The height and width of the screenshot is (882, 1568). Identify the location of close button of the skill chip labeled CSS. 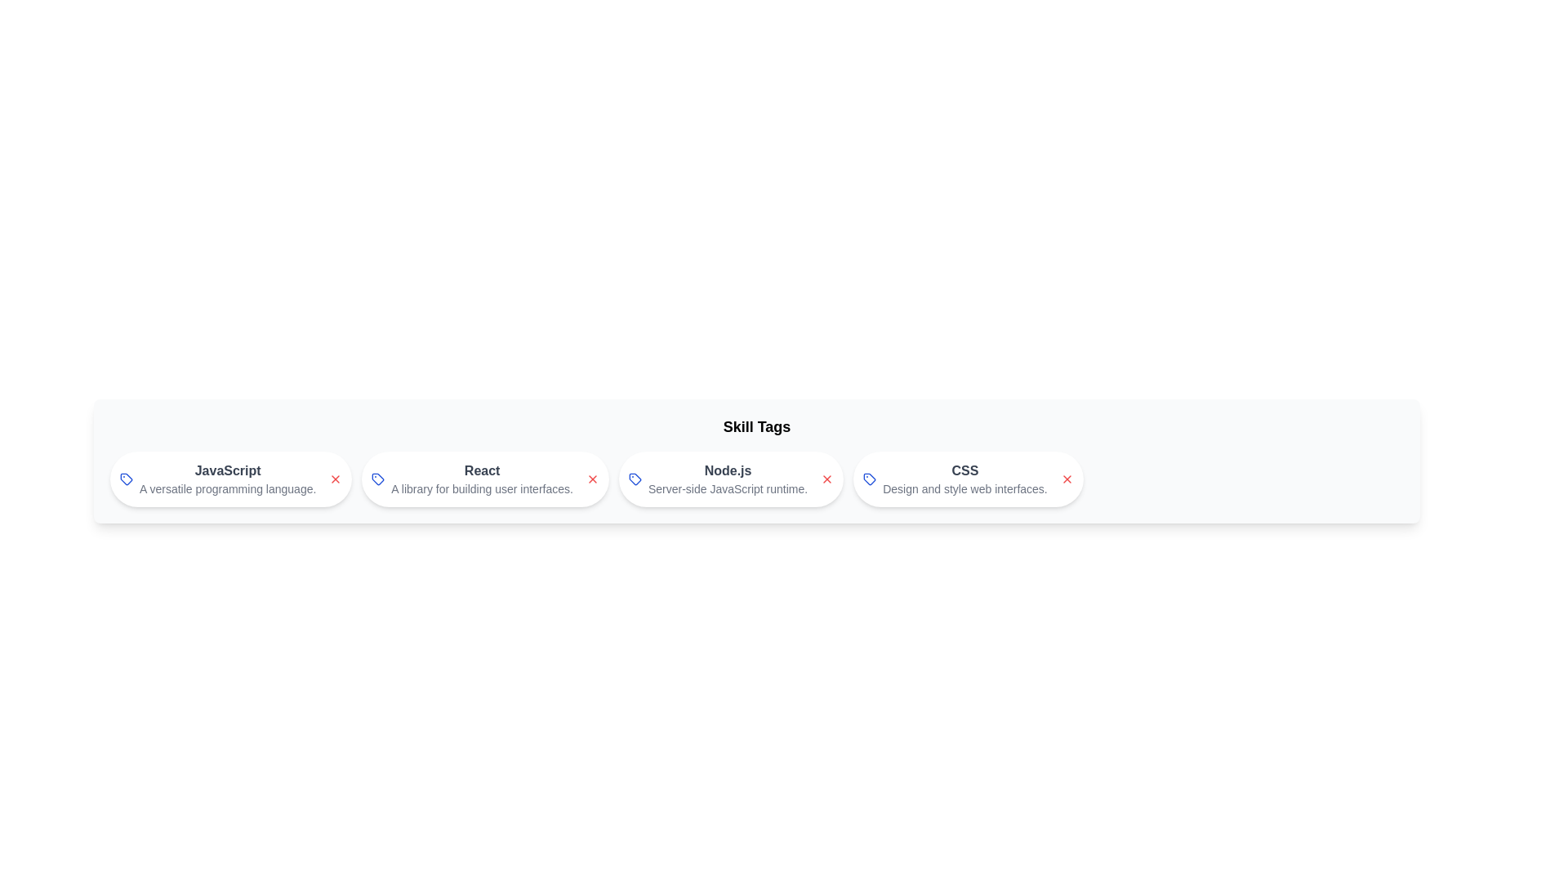
(1067, 478).